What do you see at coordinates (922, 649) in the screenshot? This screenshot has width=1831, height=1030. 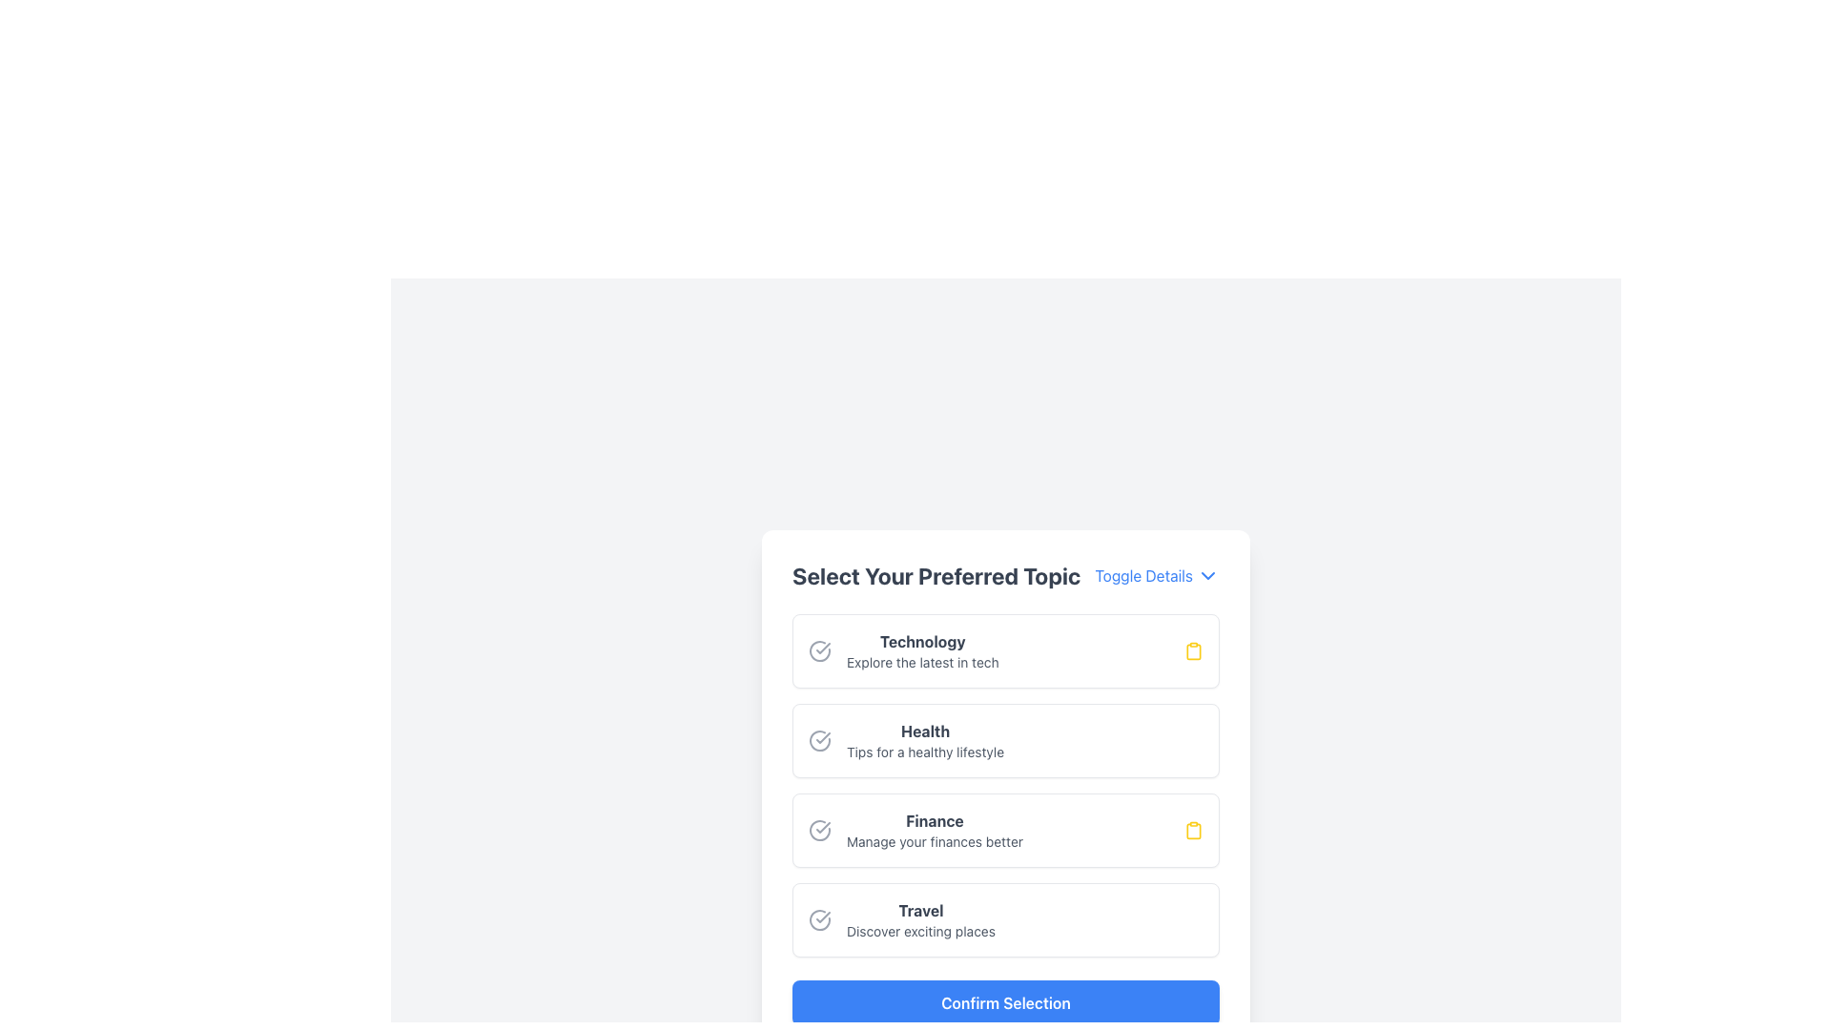 I see `the 'Technology' text label in the topic selection menu, located in the second row, just to the right of the circular check icon` at bounding box center [922, 649].